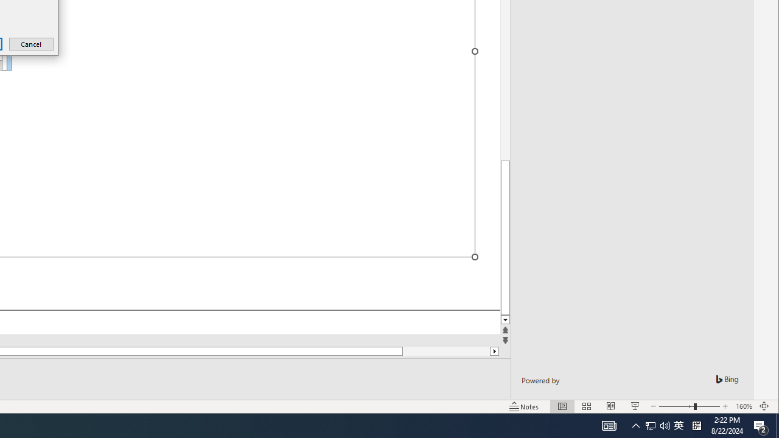 This screenshot has width=779, height=438. What do you see at coordinates (743, 406) in the screenshot?
I see `'Zoom 160%'` at bounding box center [743, 406].